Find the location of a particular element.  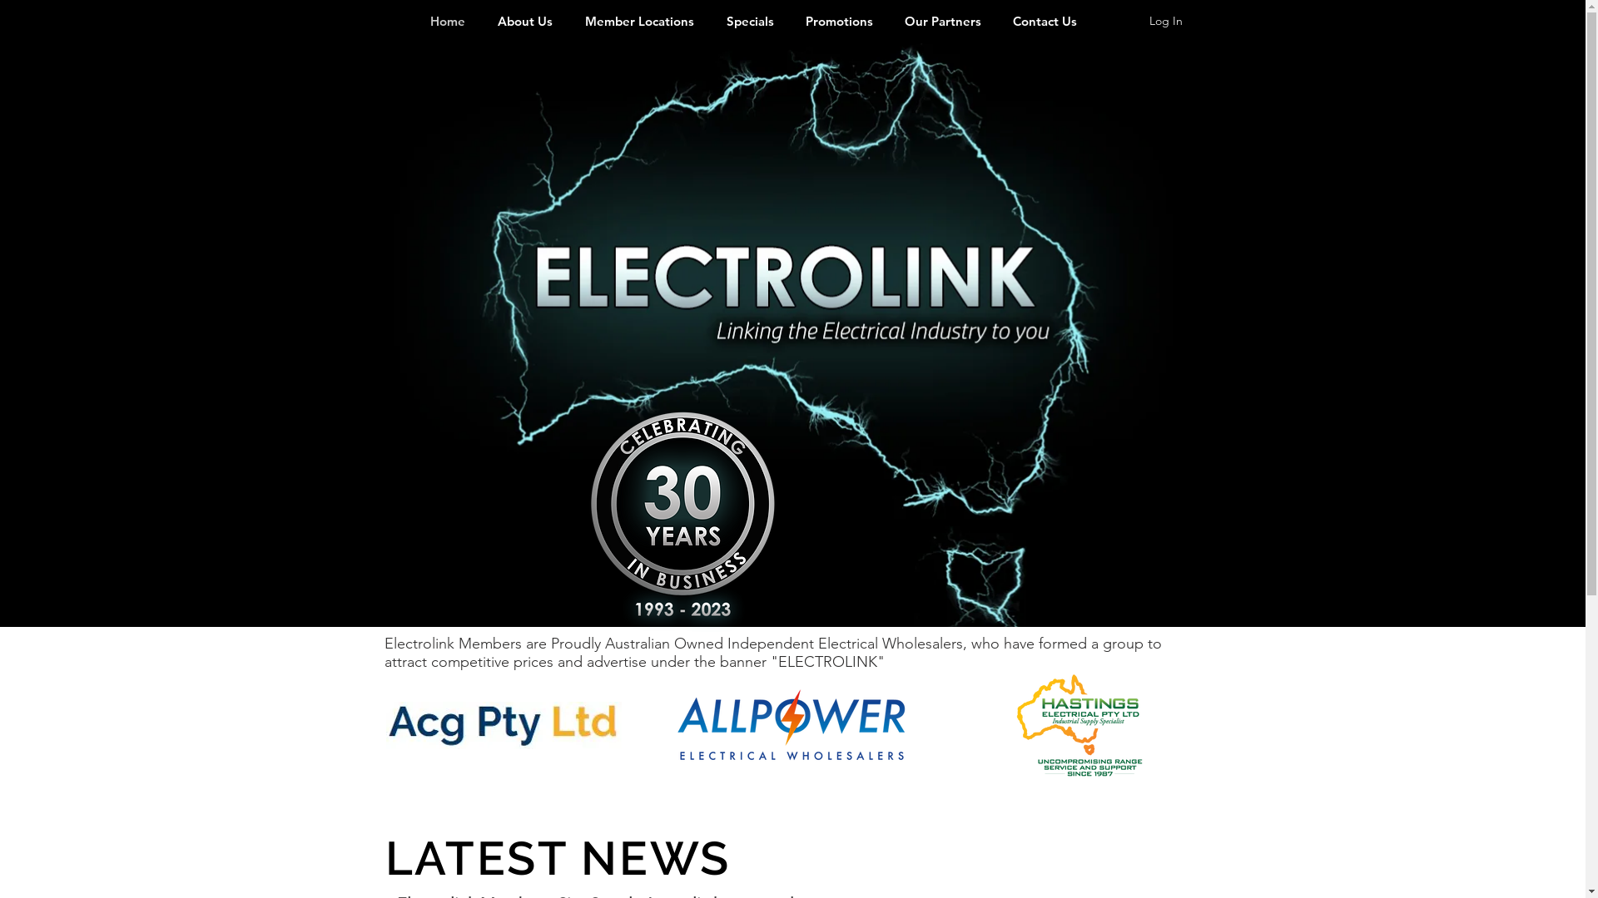

'Member Locations' is located at coordinates (638, 21).